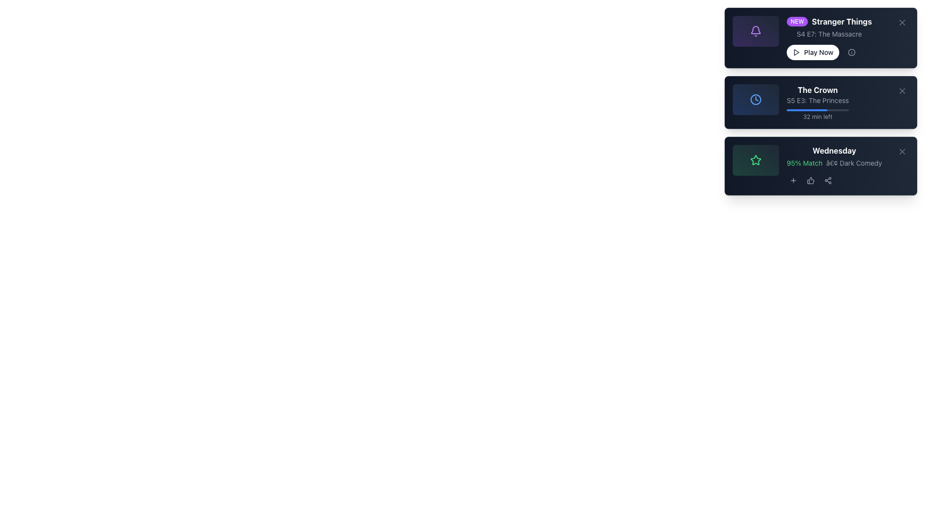 This screenshot has width=925, height=520. Describe the element at coordinates (901, 22) in the screenshot. I see `the small, circular button with an 'X' icon located in the top-right corner of the 'Stranger Things' card to change its color from gray to white` at that location.